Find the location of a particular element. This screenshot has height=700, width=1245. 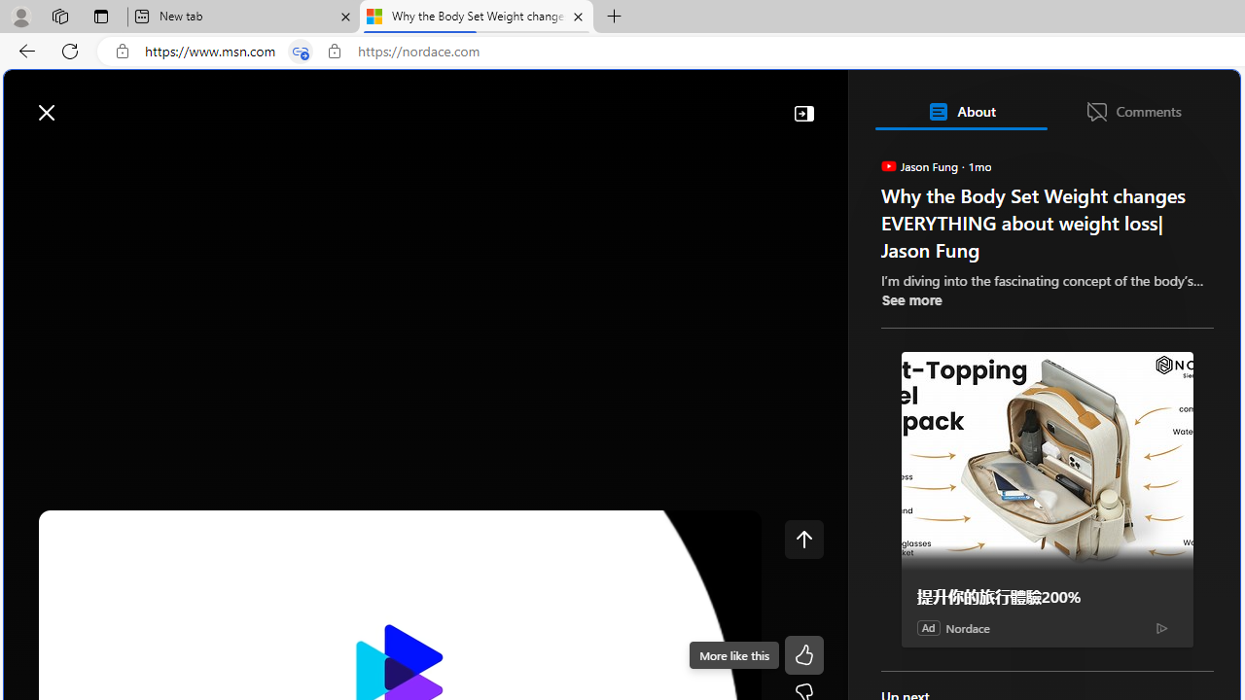

'Discover' is located at coordinates (81, 157).